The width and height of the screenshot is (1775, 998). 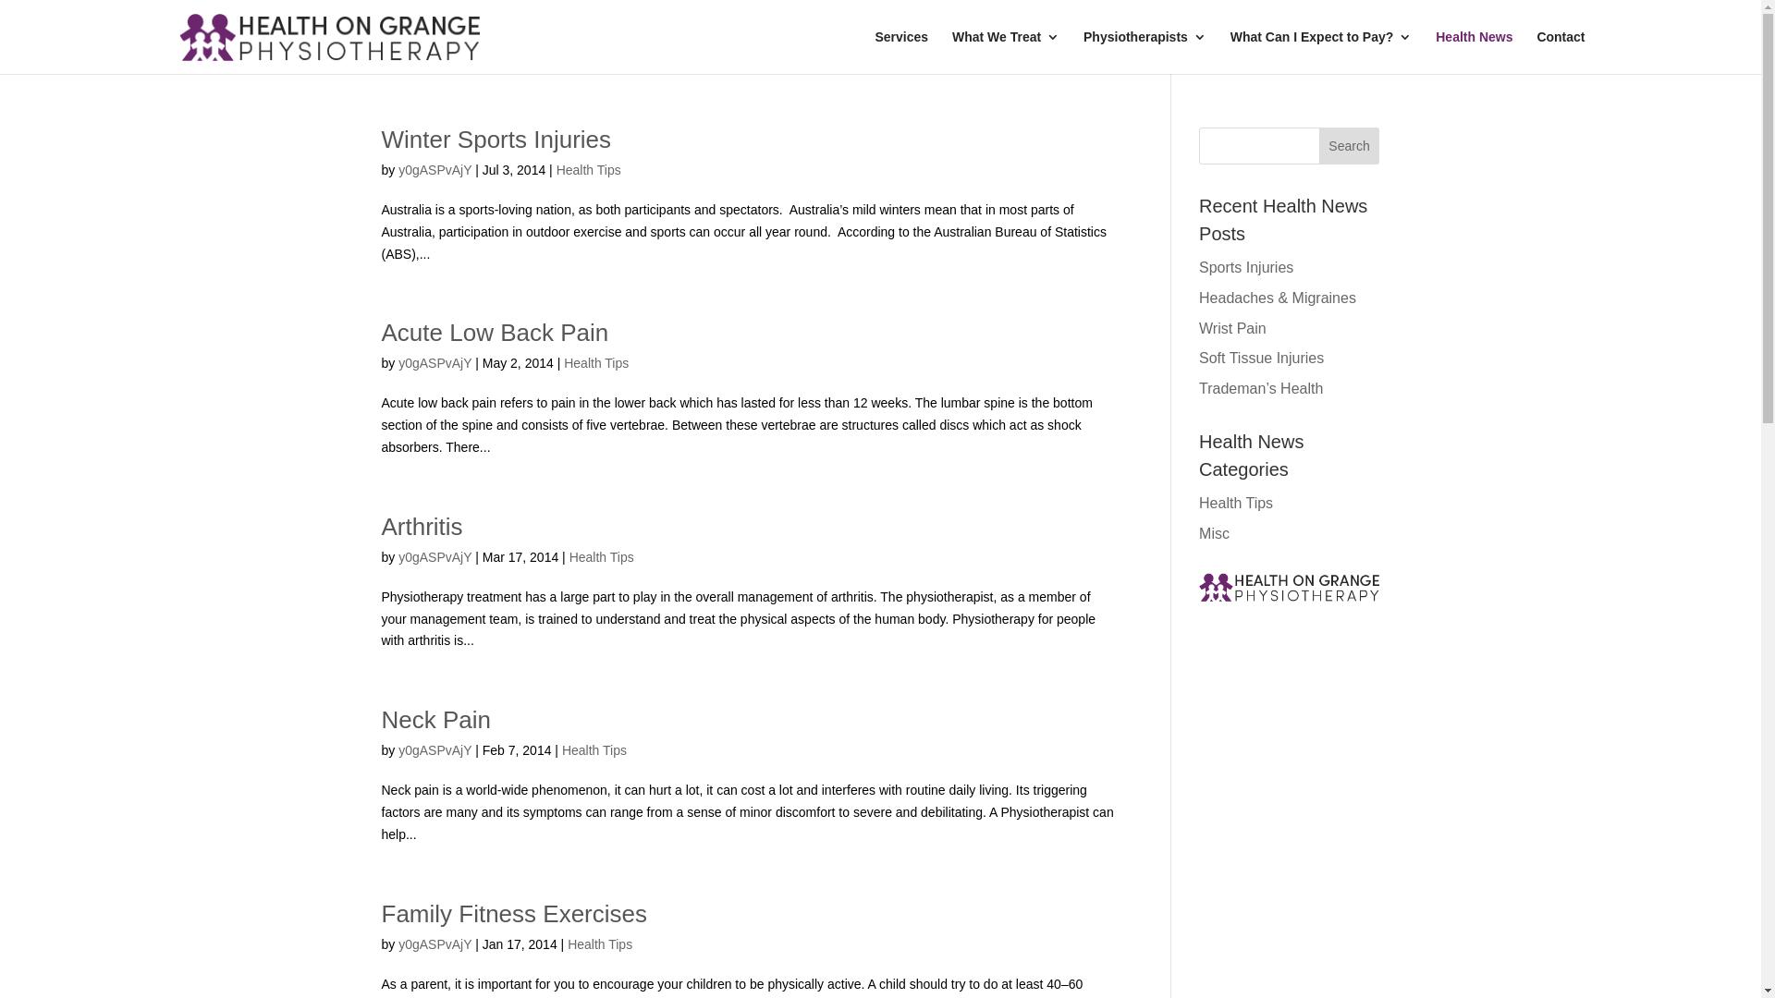 What do you see at coordinates (434, 170) in the screenshot?
I see `'y0gASPvAjY'` at bounding box center [434, 170].